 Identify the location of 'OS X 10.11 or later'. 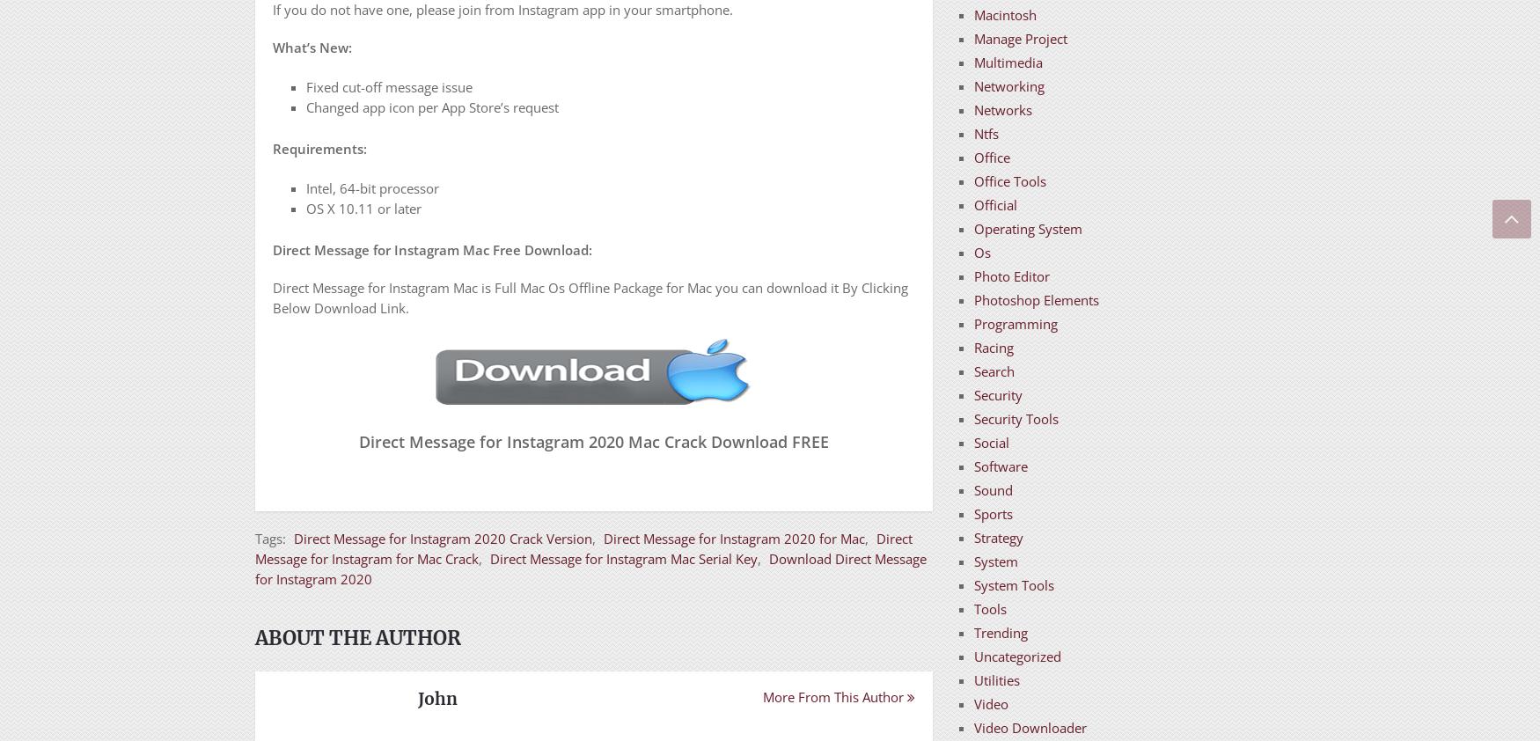
(362, 209).